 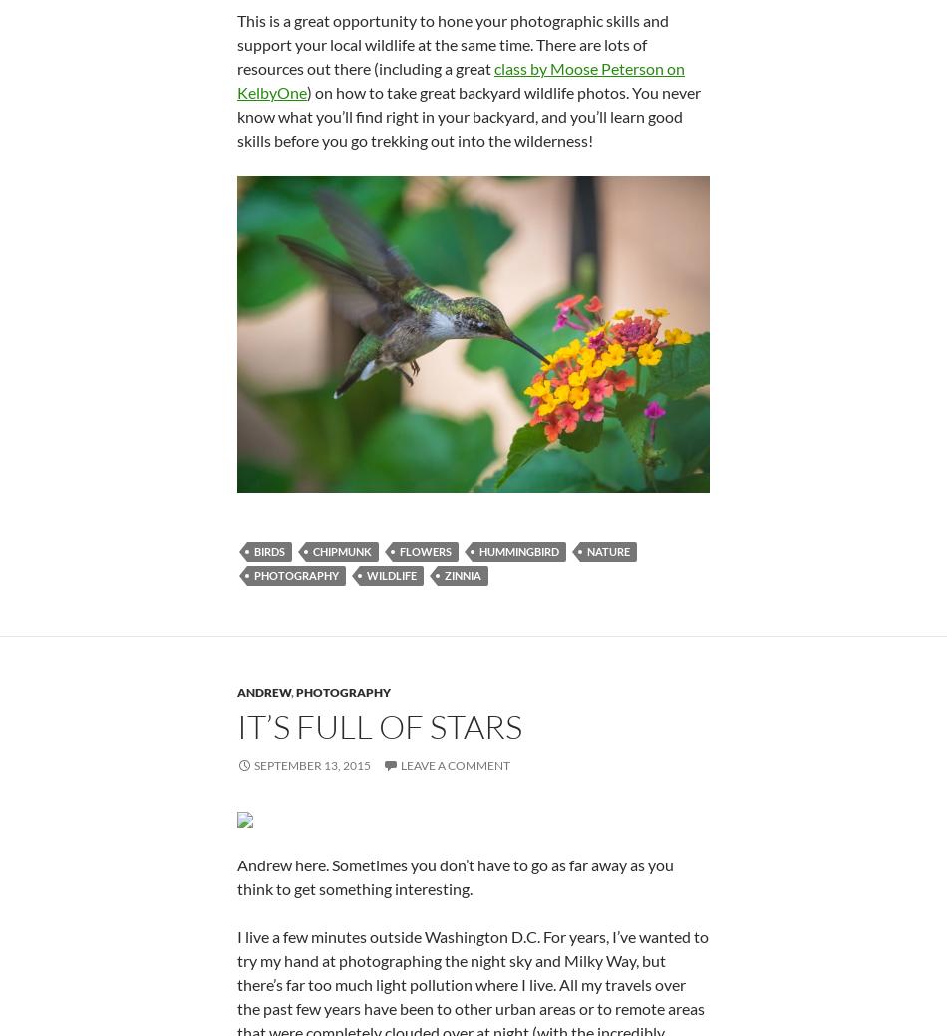 What do you see at coordinates (292, 690) in the screenshot?
I see `','` at bounding box center [292, 690].